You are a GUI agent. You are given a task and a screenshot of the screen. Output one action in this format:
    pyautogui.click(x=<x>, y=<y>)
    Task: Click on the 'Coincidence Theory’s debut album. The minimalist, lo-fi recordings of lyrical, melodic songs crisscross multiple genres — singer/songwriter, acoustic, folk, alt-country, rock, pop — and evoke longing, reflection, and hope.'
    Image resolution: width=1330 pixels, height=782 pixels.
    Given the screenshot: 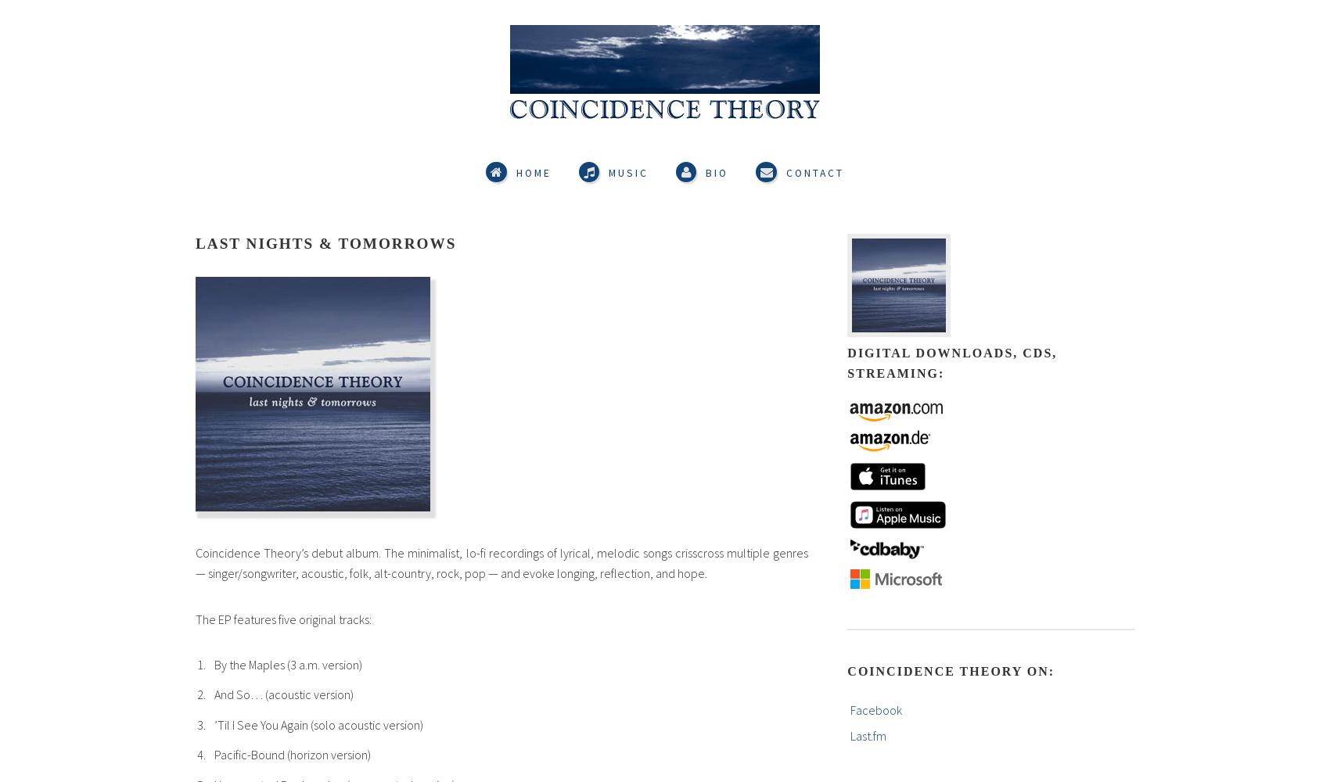 What is the action you would take?
    pyautogui.click(x=501, y=561)
    